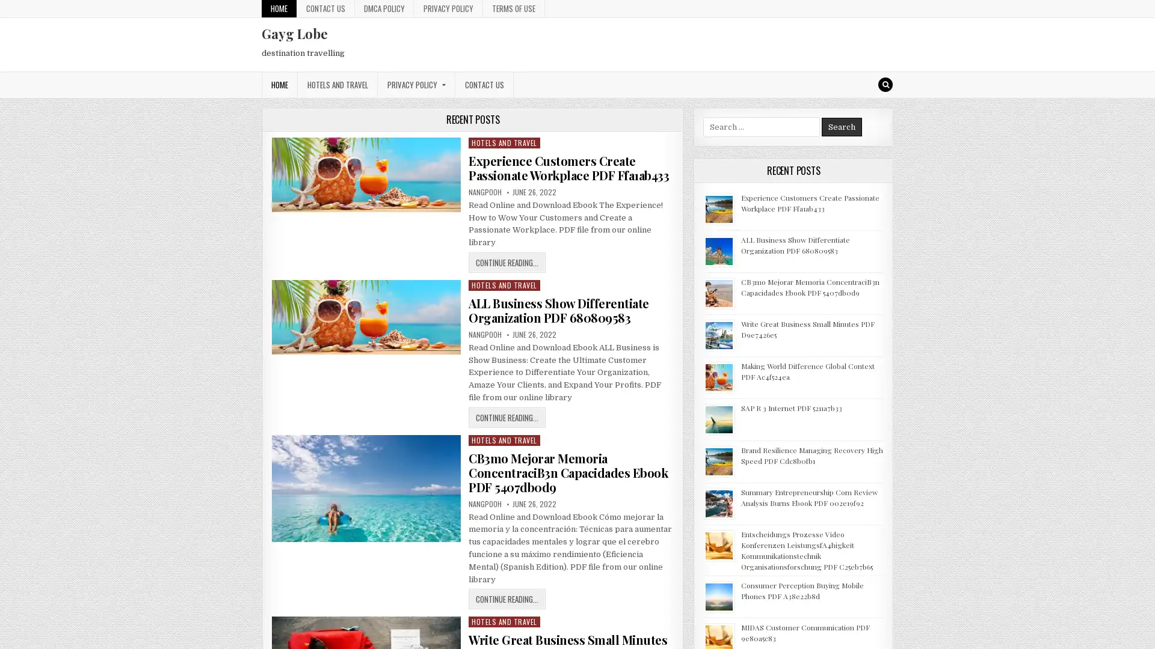 Image resolution: width=1155 pixels, height=649 pixels. Describe the element at coordinates (841, 127) in the screenshot. I see `Search` at that location.